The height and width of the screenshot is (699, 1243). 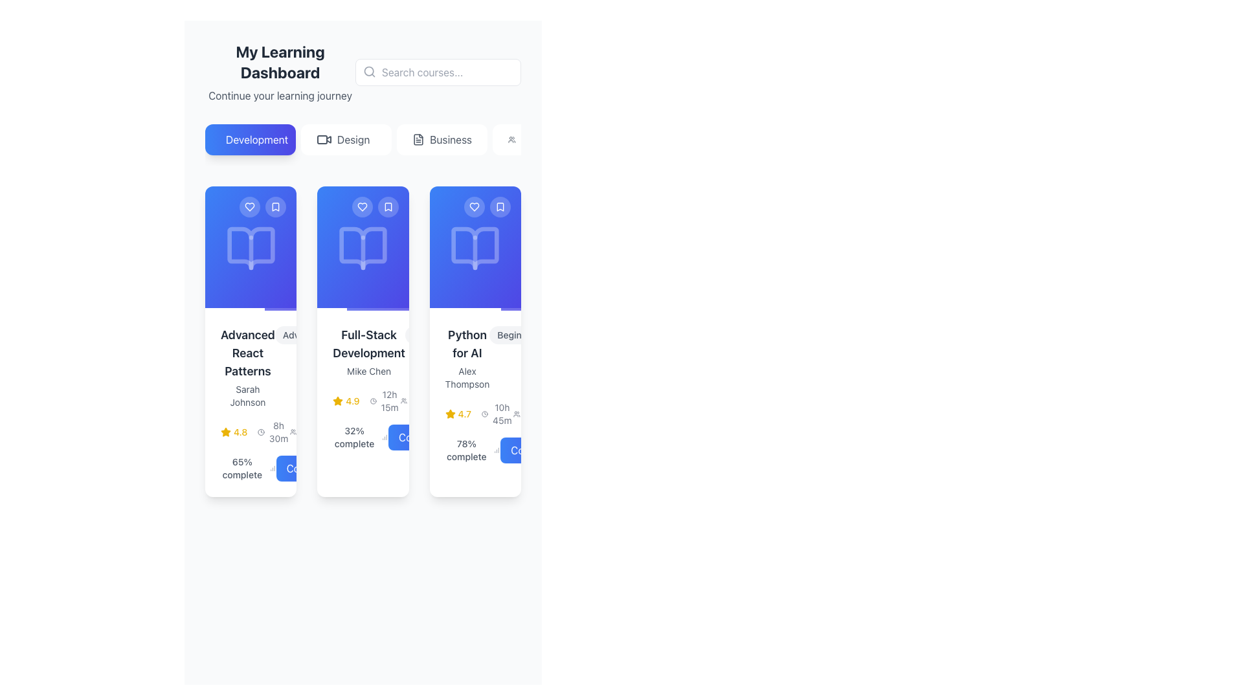 What do you see at coordinates (338, 400) in the screenshot?
I see `the rating value represented by the star icon located in the bottom section of the 'Full-Stack Development' course card` at bounding box center [338, 400].